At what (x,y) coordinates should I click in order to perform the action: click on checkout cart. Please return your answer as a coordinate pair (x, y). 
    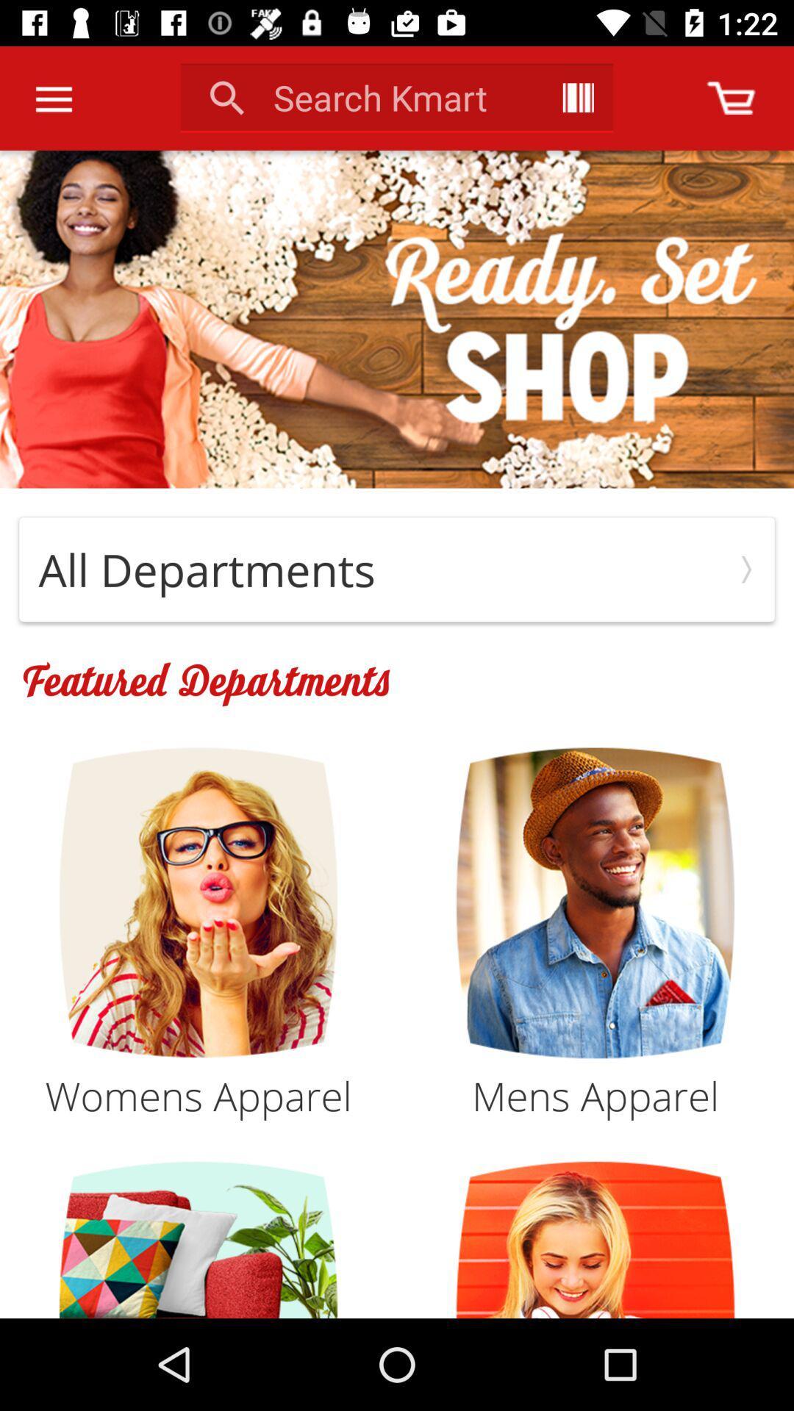
    Looking at the image, I should click on (731, 97).